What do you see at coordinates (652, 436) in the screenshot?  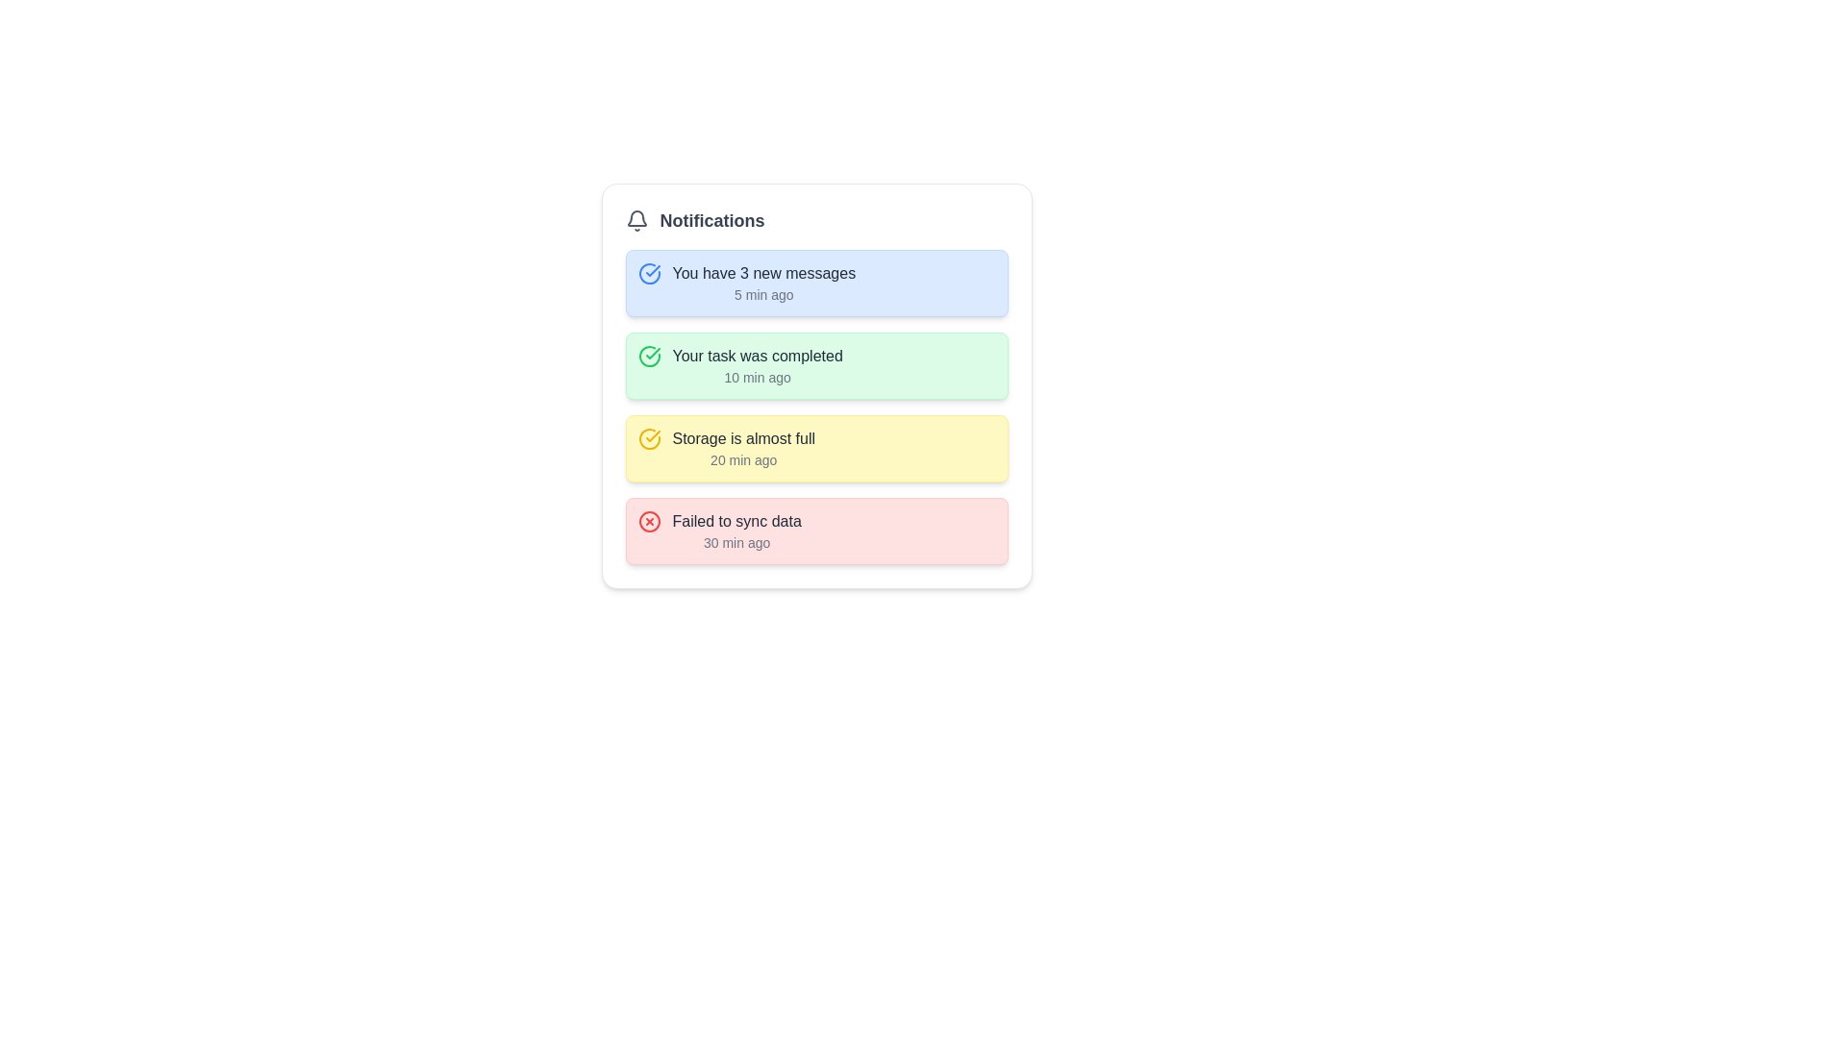 I see `the appearance of the Check mark icon, which signifies successful task completion, located in the second row of the 'Notifications' section within the green notification box` at bounding box center [652, 436].